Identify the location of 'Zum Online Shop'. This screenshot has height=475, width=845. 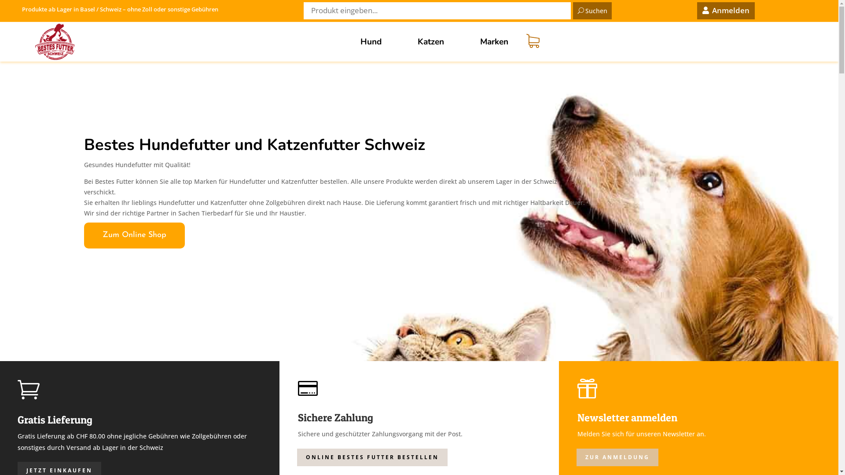
(133, 235).